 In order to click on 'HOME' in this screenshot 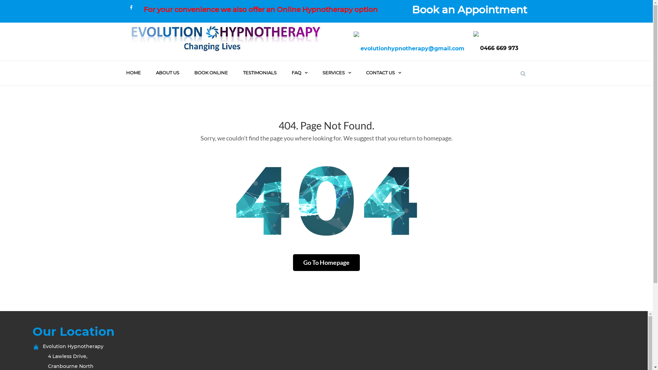, I will do `click(133, 73)`.